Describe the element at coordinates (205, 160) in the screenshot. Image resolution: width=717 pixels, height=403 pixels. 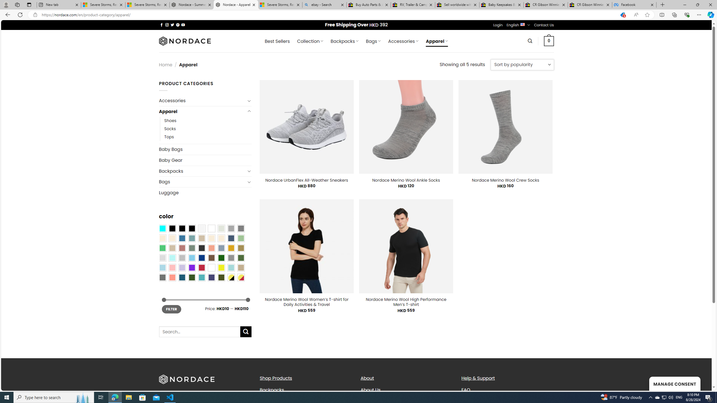
I see `'Baby Gear'` at that location.